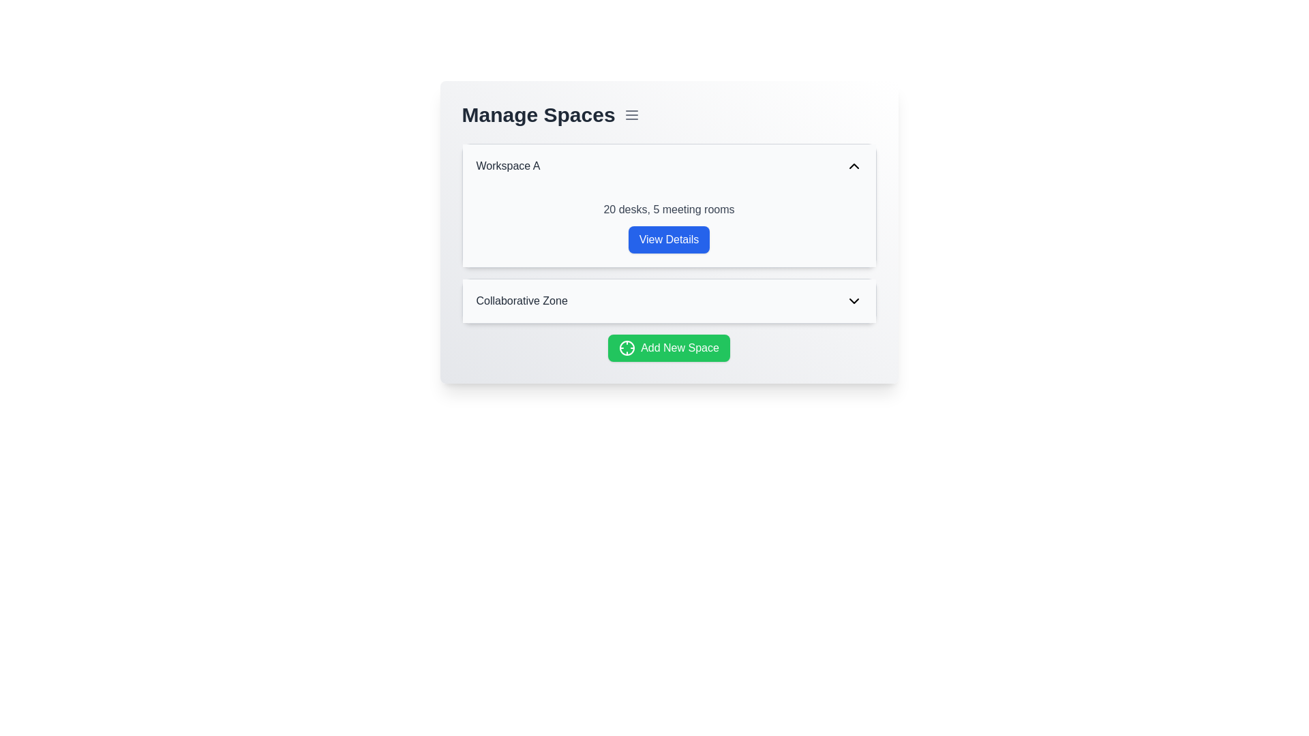  I want to click on the 'Add New Space' button, which is styled with a rounded rectangular green background and white text, located at the bottom of the 'Manage Spaces' card, so click(669, 347).